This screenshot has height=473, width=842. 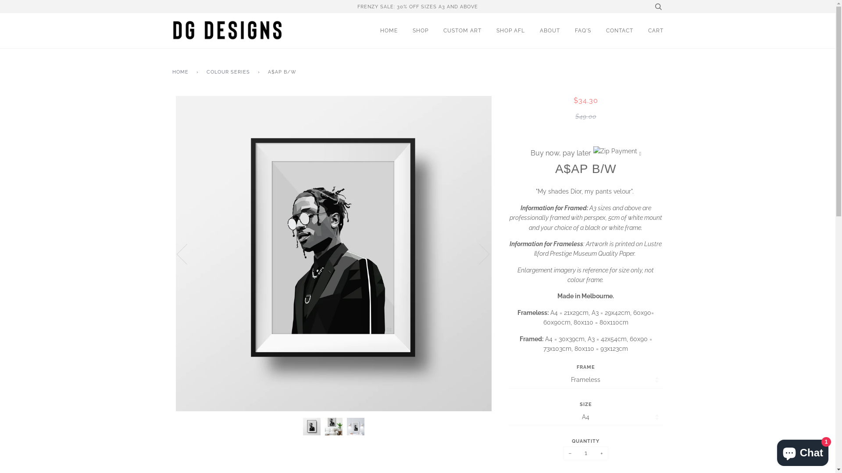 I want to click on 'CONTACT', so click(x=619, y=30).